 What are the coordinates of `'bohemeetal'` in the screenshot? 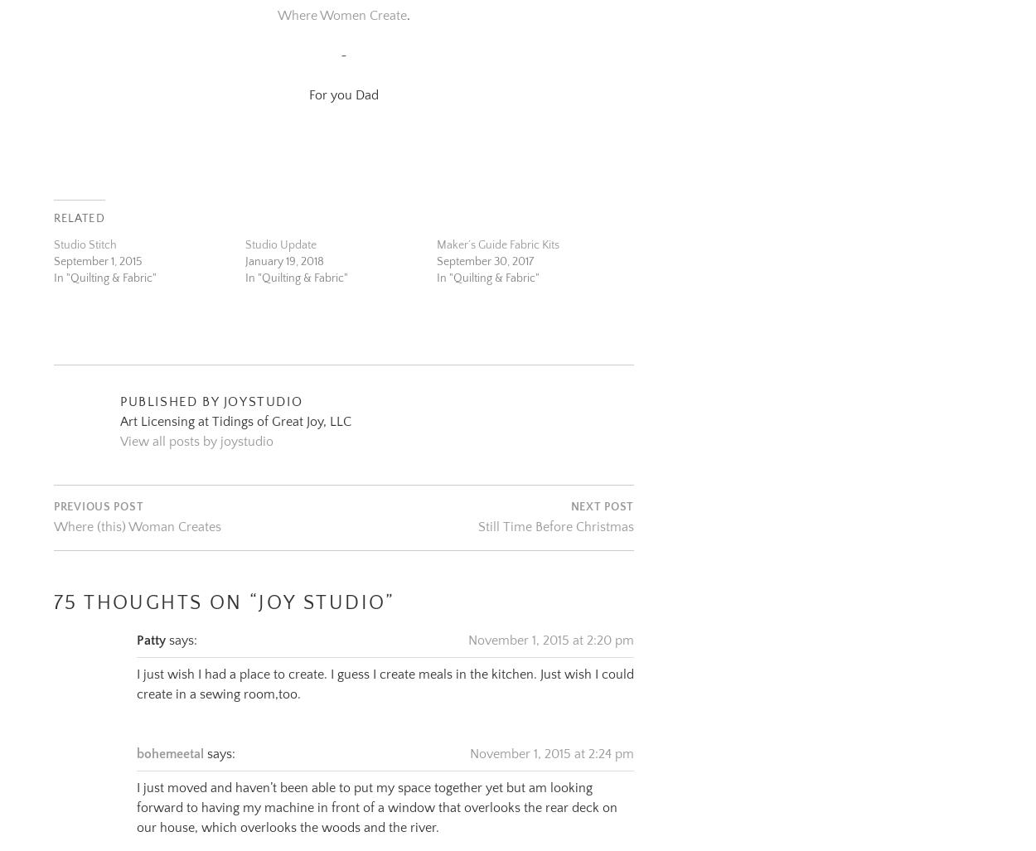 It's located at (137, 732).